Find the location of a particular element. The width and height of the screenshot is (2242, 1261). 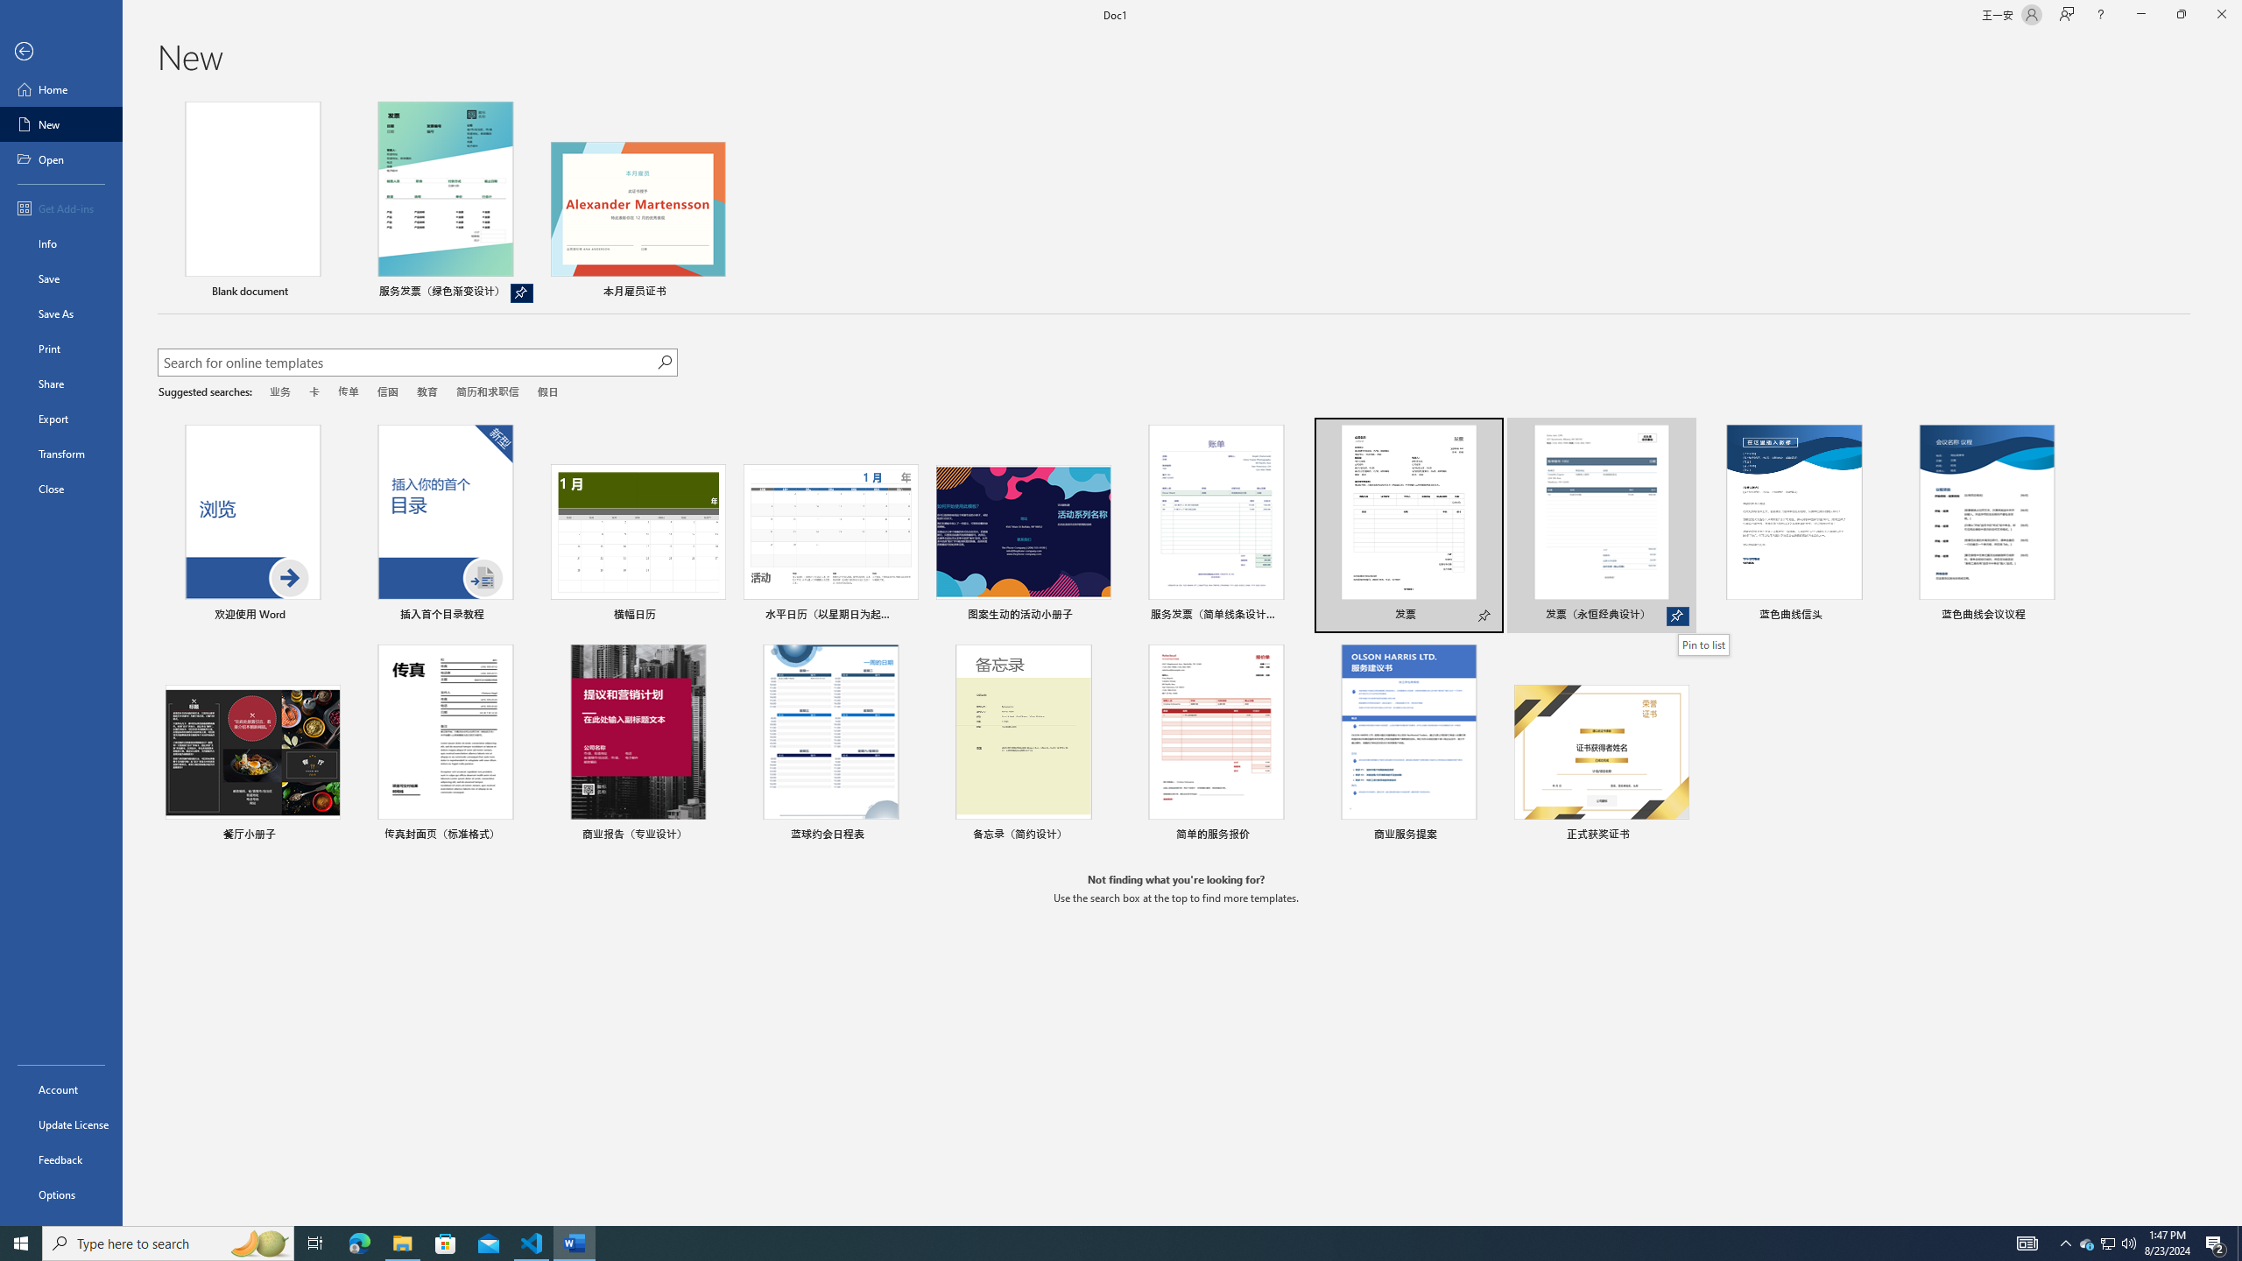

'Export' is located at coordinates (60, 419).